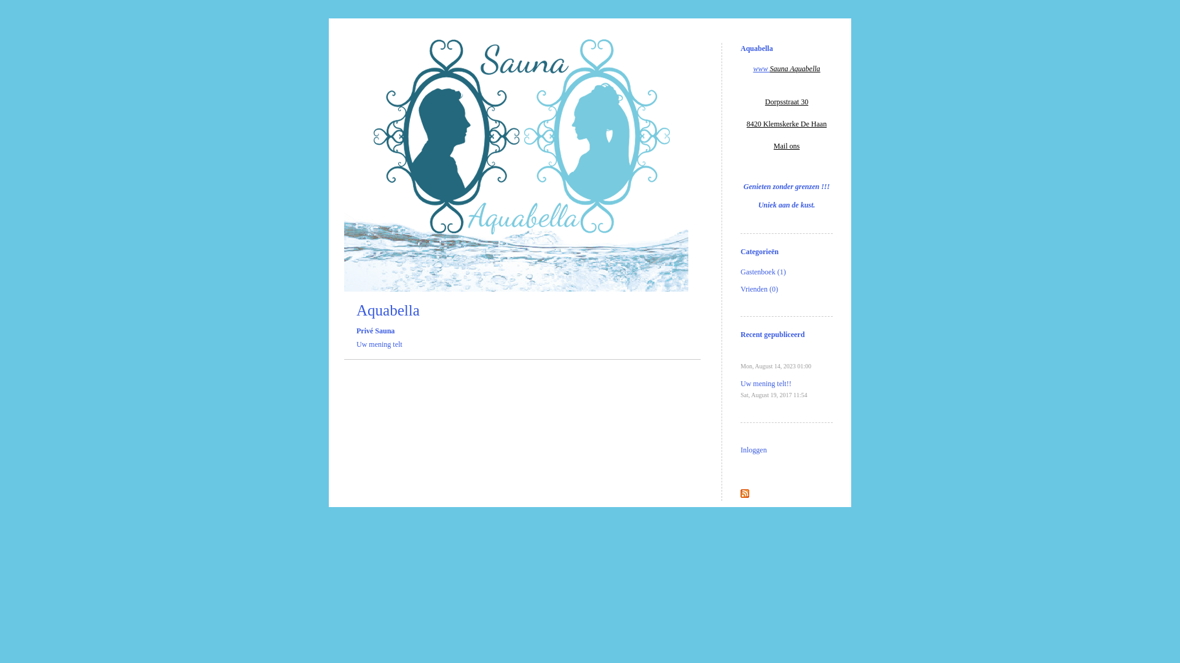 Image resolution: width=1180 pixels, height=663 pixels. What do you see at coordinates (763, 271) in the screenshot?
I see `'Gastenboek (1)'` at bounding box center [763, 271].